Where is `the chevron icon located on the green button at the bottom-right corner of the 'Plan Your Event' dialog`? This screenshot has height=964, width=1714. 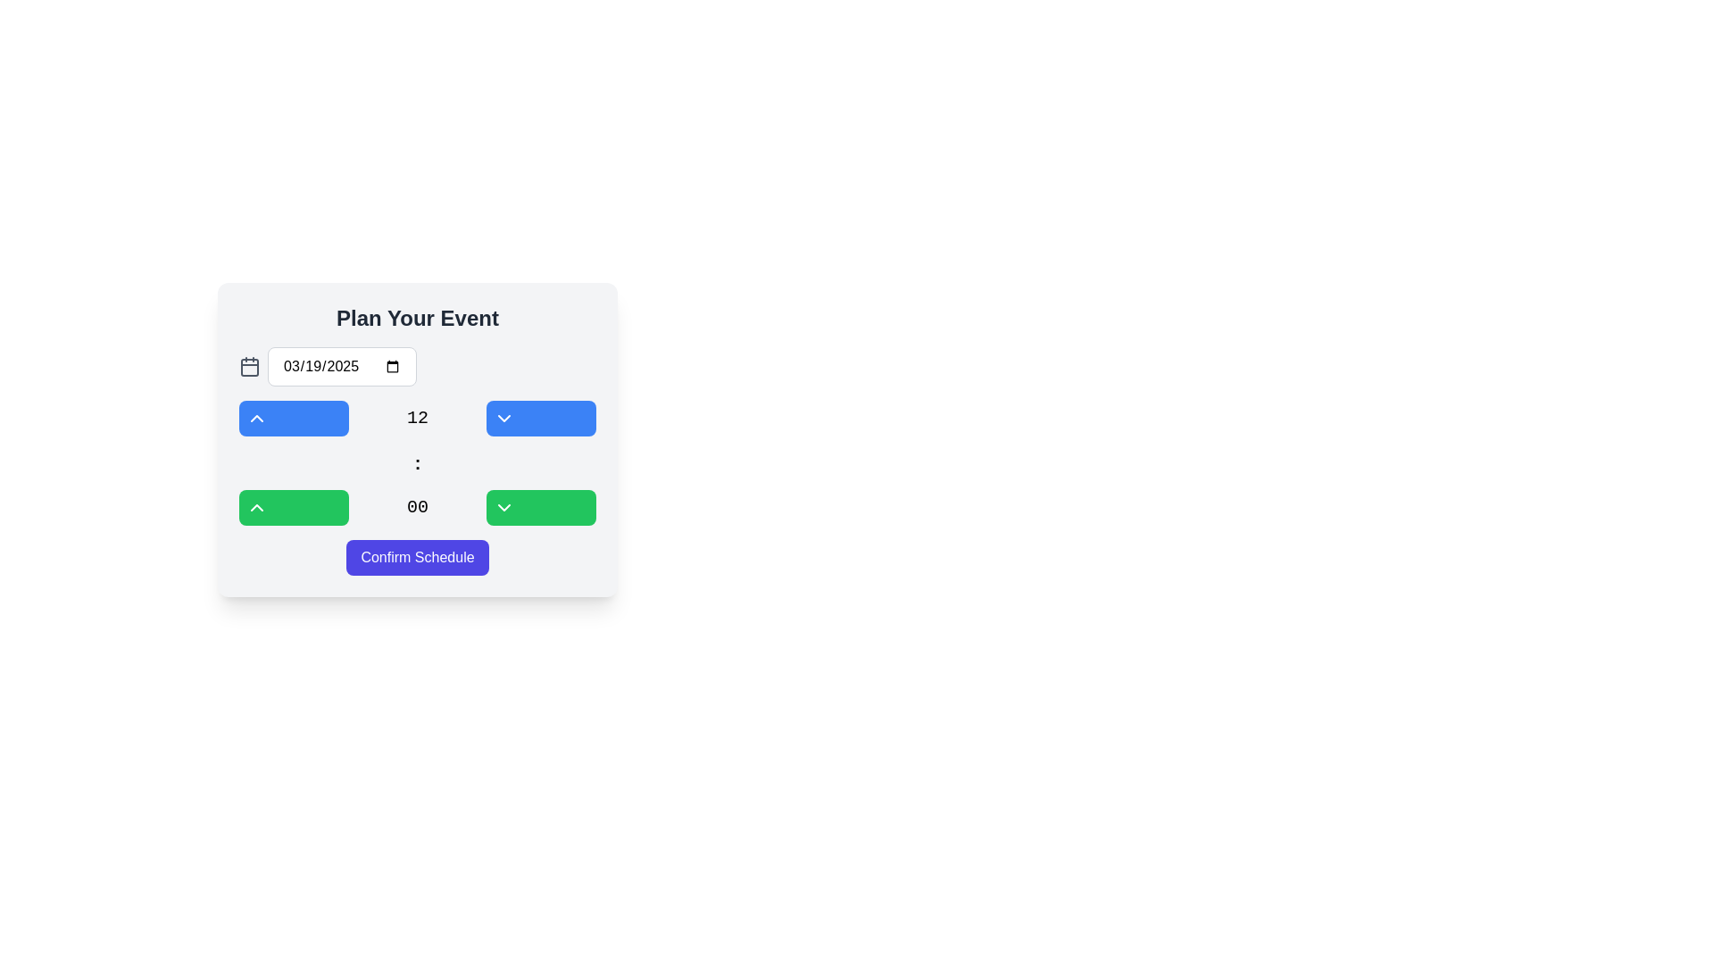 the chevron icon located on the green button at the bottom-right corner of the 'Plan Your Event' dialog is located at coordinates (503, 508).